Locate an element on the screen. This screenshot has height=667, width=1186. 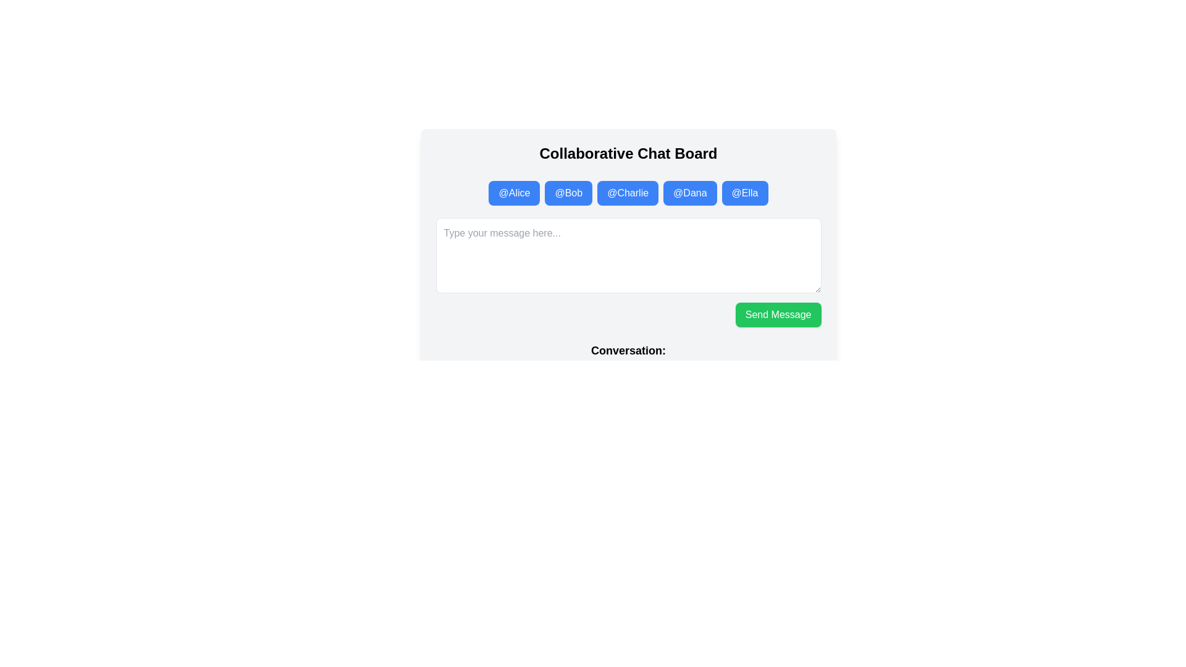
the rounded rectangular button labeled '@Bob' with a blue background, located under 'Collaborative Chat Board' is located at coordinates (568, 193).